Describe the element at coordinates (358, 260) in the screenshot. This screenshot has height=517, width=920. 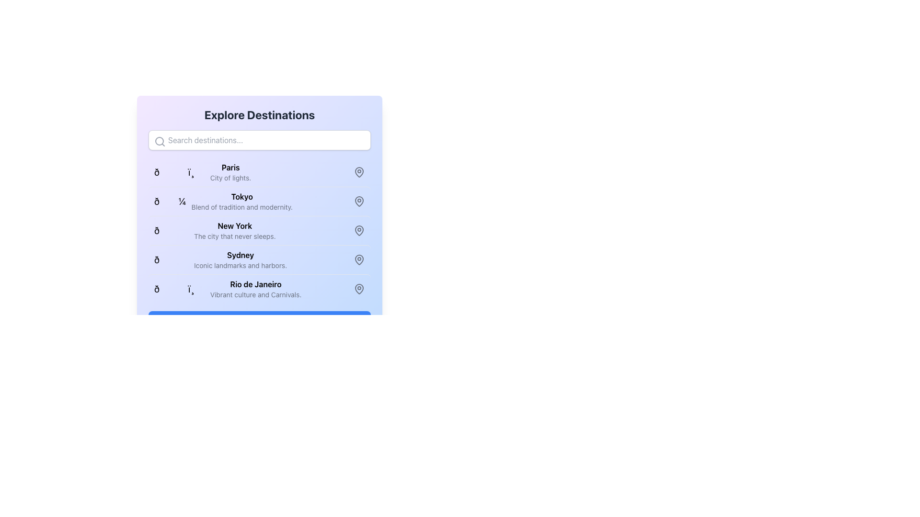
I see `the icon that signifies a location associated with 'Sydney'` at that location.